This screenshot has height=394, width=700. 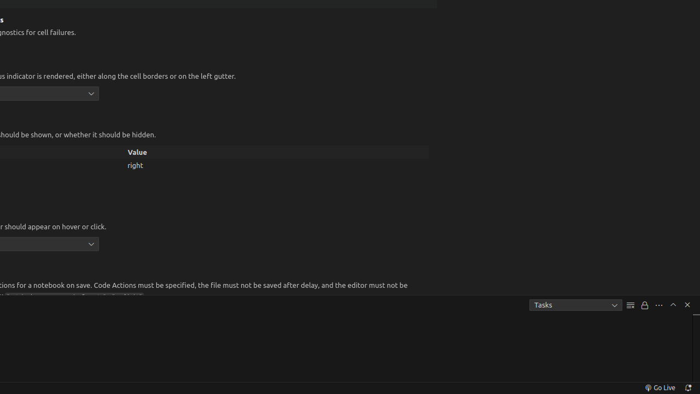 I want to click on 'broadcast Go Live, Click to run live server', so click(x=659, y=387).